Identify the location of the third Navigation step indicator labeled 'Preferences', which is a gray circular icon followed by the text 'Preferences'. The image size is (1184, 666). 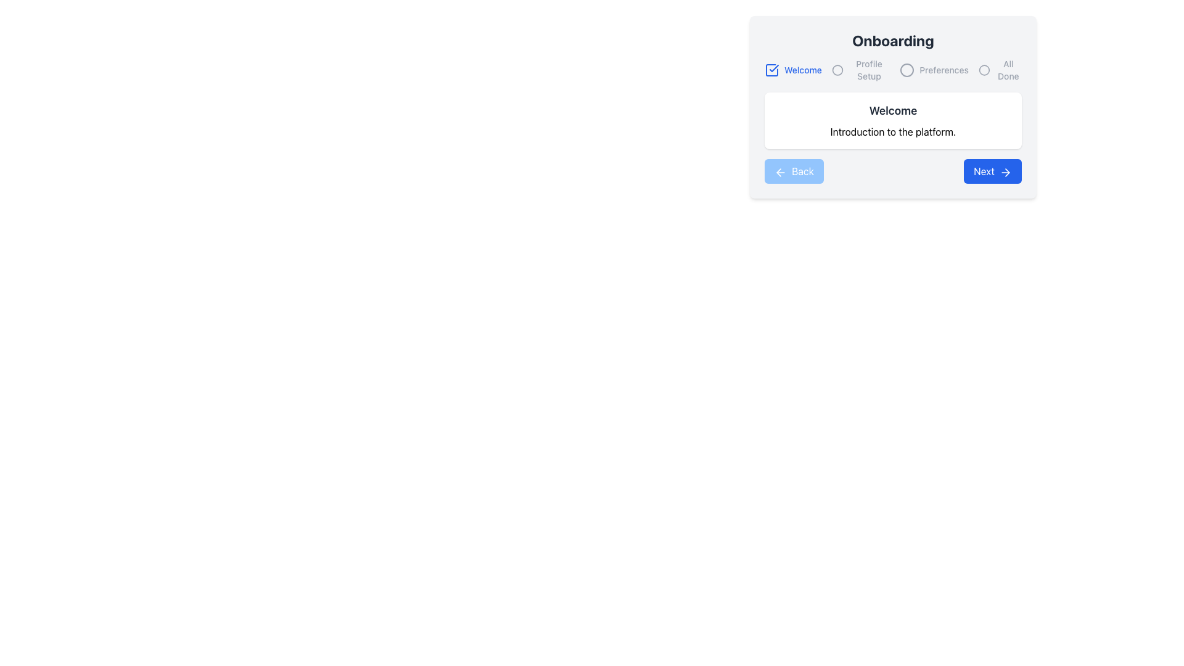
(934, 70).